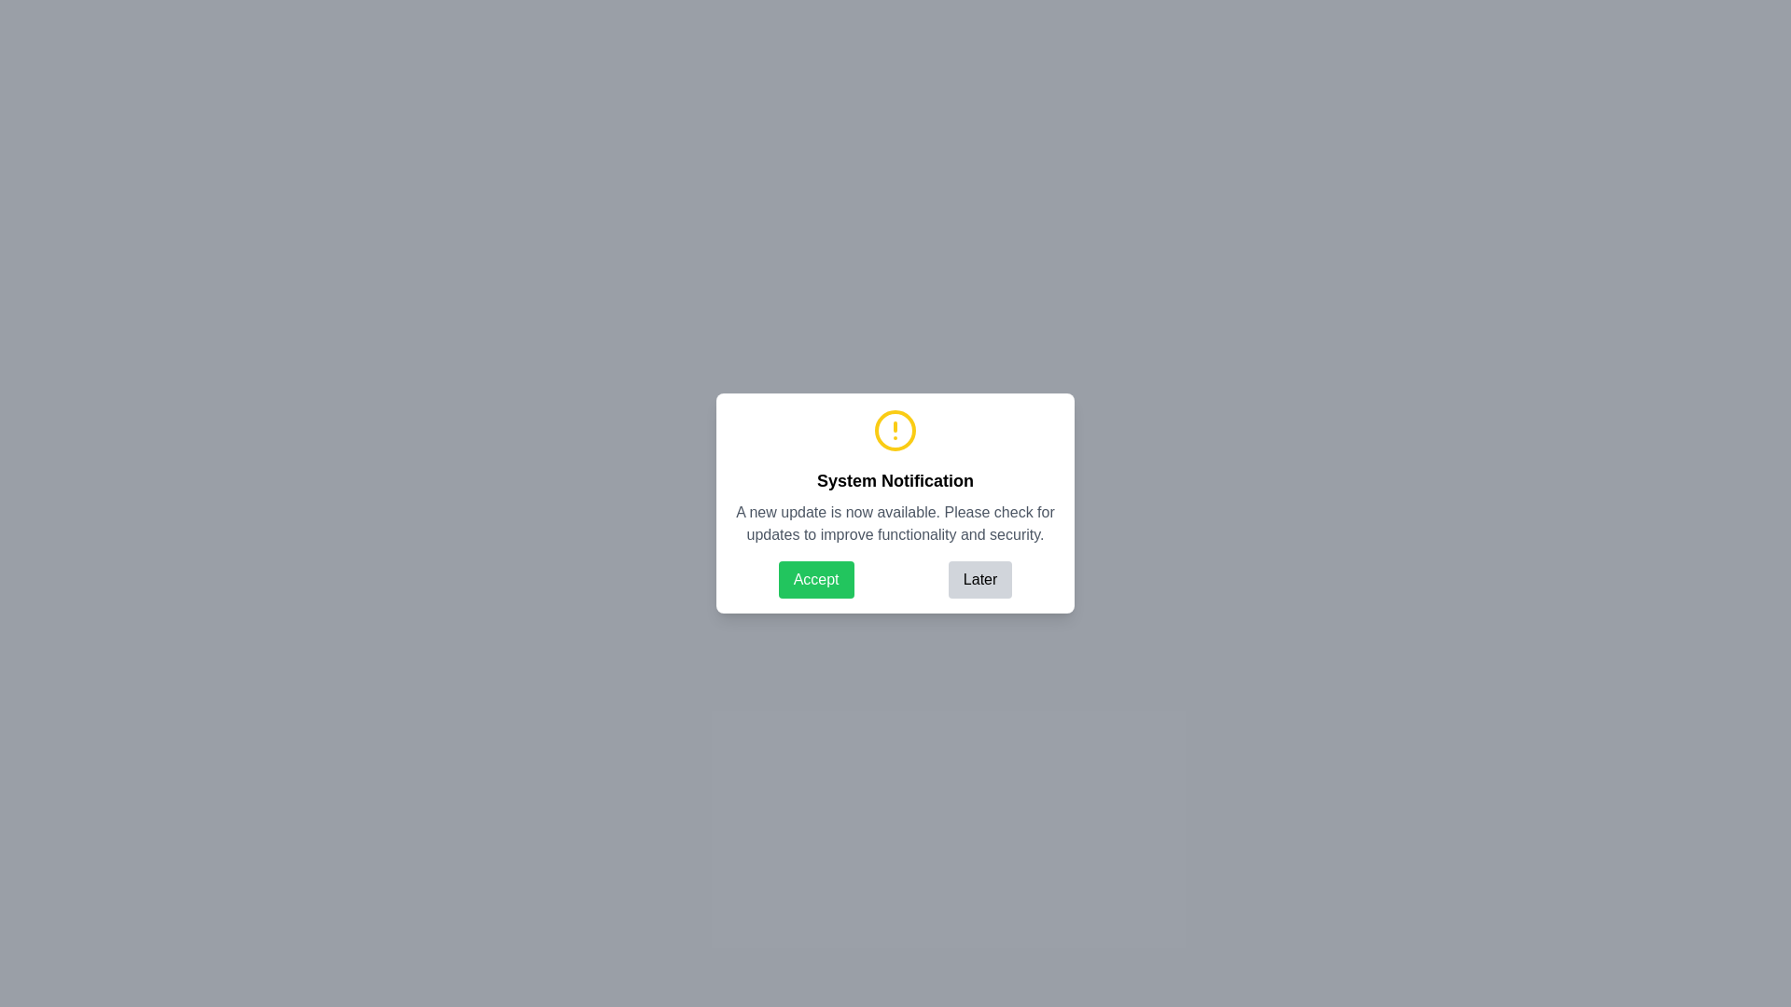 The image size is (1791, 1007). Describe the element at coordinates (895, 431) in the screenshot. I see `the yellow circular outline with an exclamation mark inside, which is the central component of the alert icon in the notification dialog box` at that location.